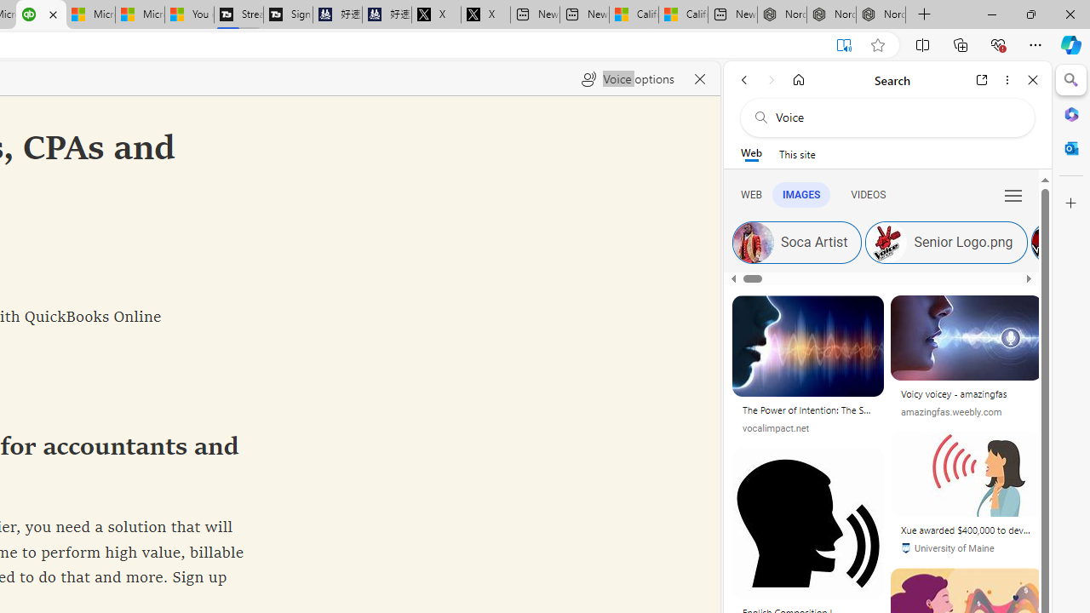  What do you see at coordinates (967, 393) in the screenshot?
I see `'Voicy voicey - amazingfas'` at bounding box center [967, 393].